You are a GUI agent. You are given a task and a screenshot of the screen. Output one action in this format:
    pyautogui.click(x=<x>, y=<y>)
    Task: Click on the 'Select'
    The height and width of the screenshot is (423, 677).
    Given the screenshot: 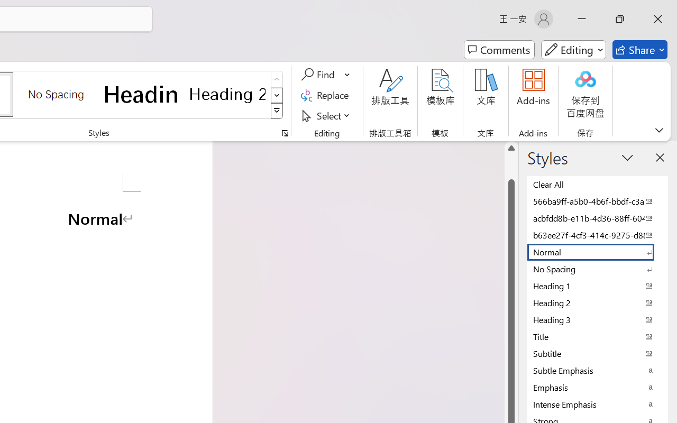 What is the action you would take?
    pyautogui.click(x=326, y=115)
    